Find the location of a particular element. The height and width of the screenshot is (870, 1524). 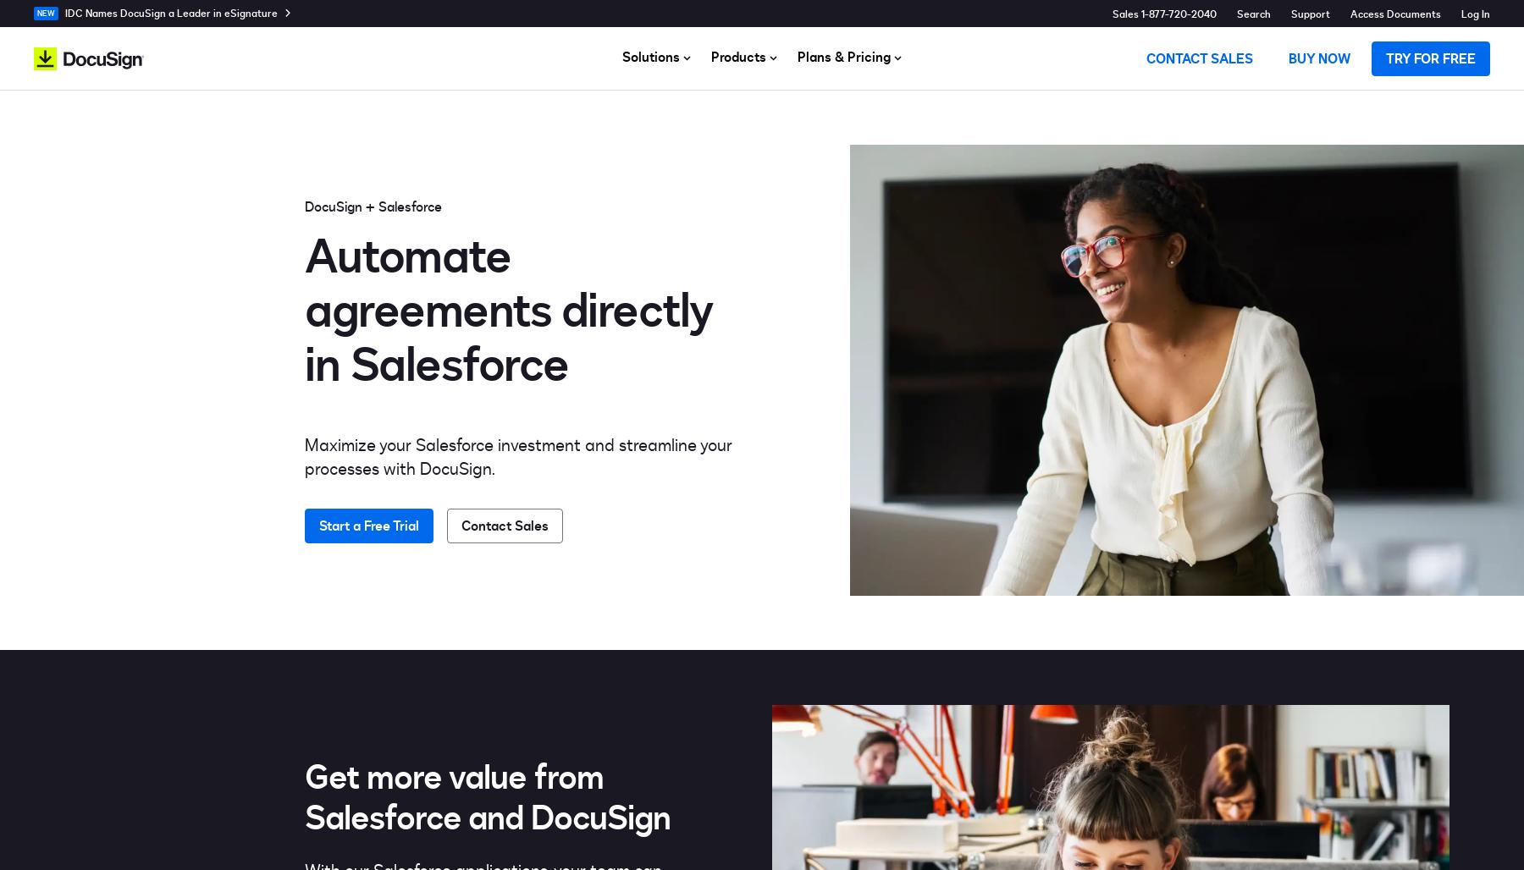

'Industries' is located at coordinates (1030, 139).